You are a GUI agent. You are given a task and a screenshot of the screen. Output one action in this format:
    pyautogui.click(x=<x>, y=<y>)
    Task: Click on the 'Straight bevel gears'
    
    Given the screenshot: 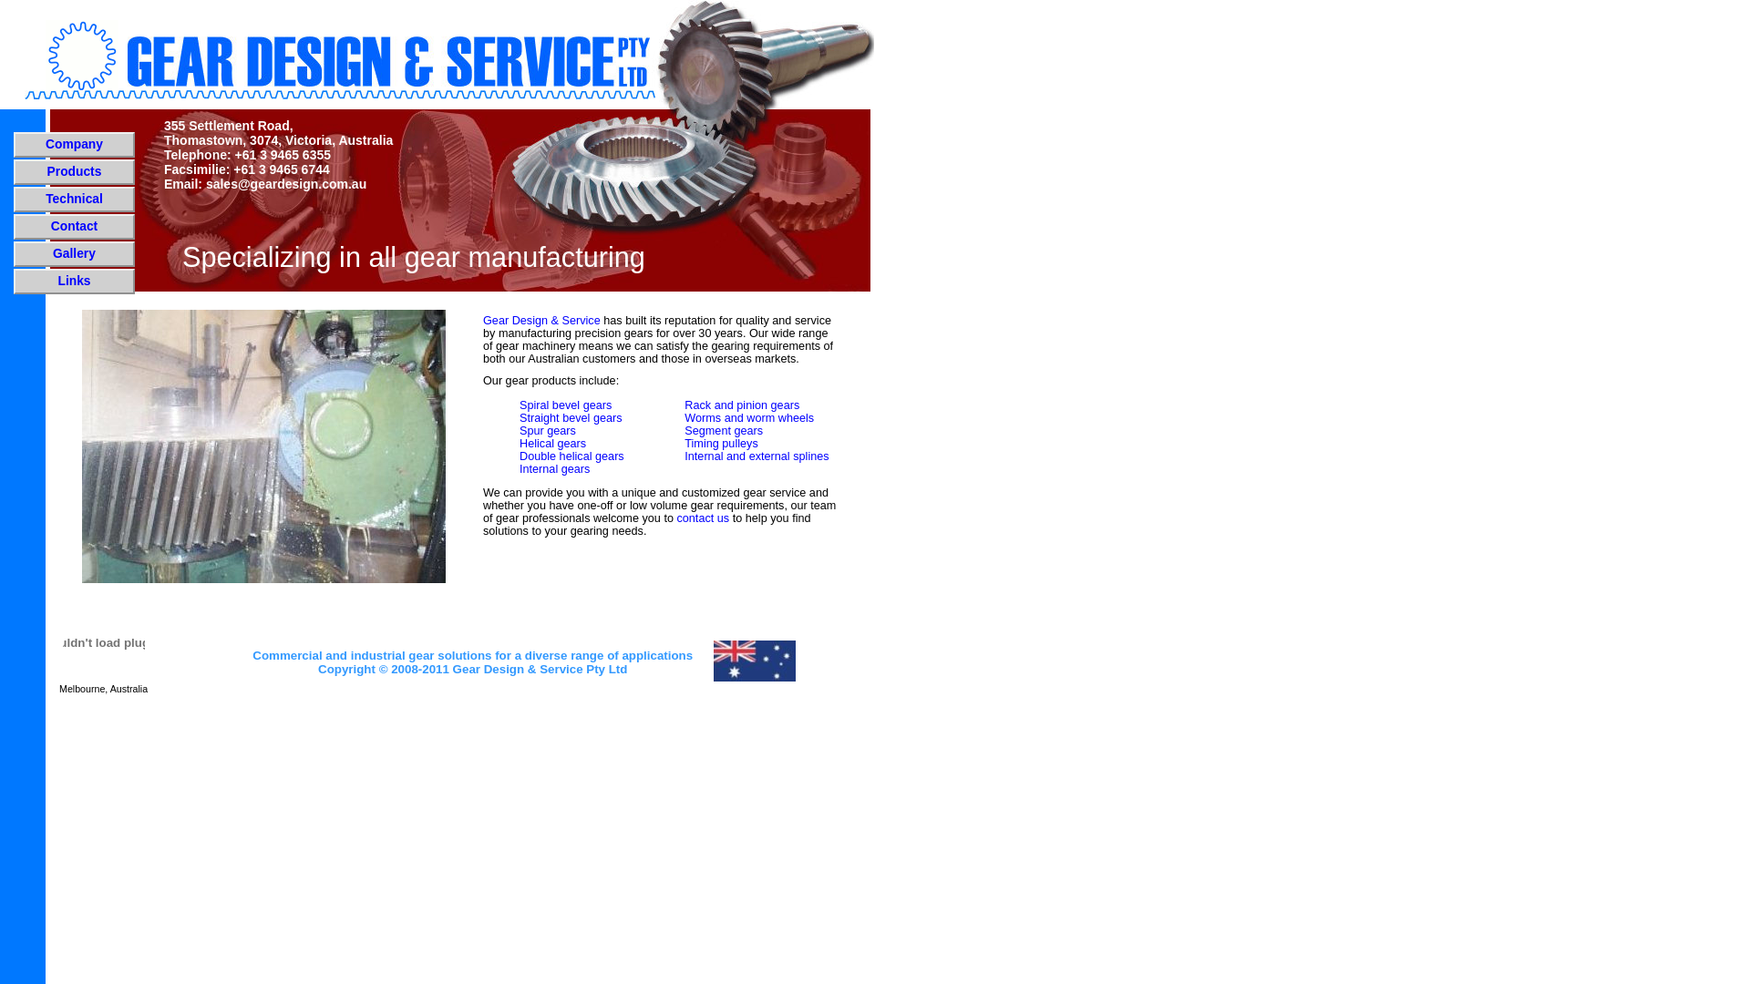 What is the action you would take?
    pyautogui.click(x=570, y=418)
    